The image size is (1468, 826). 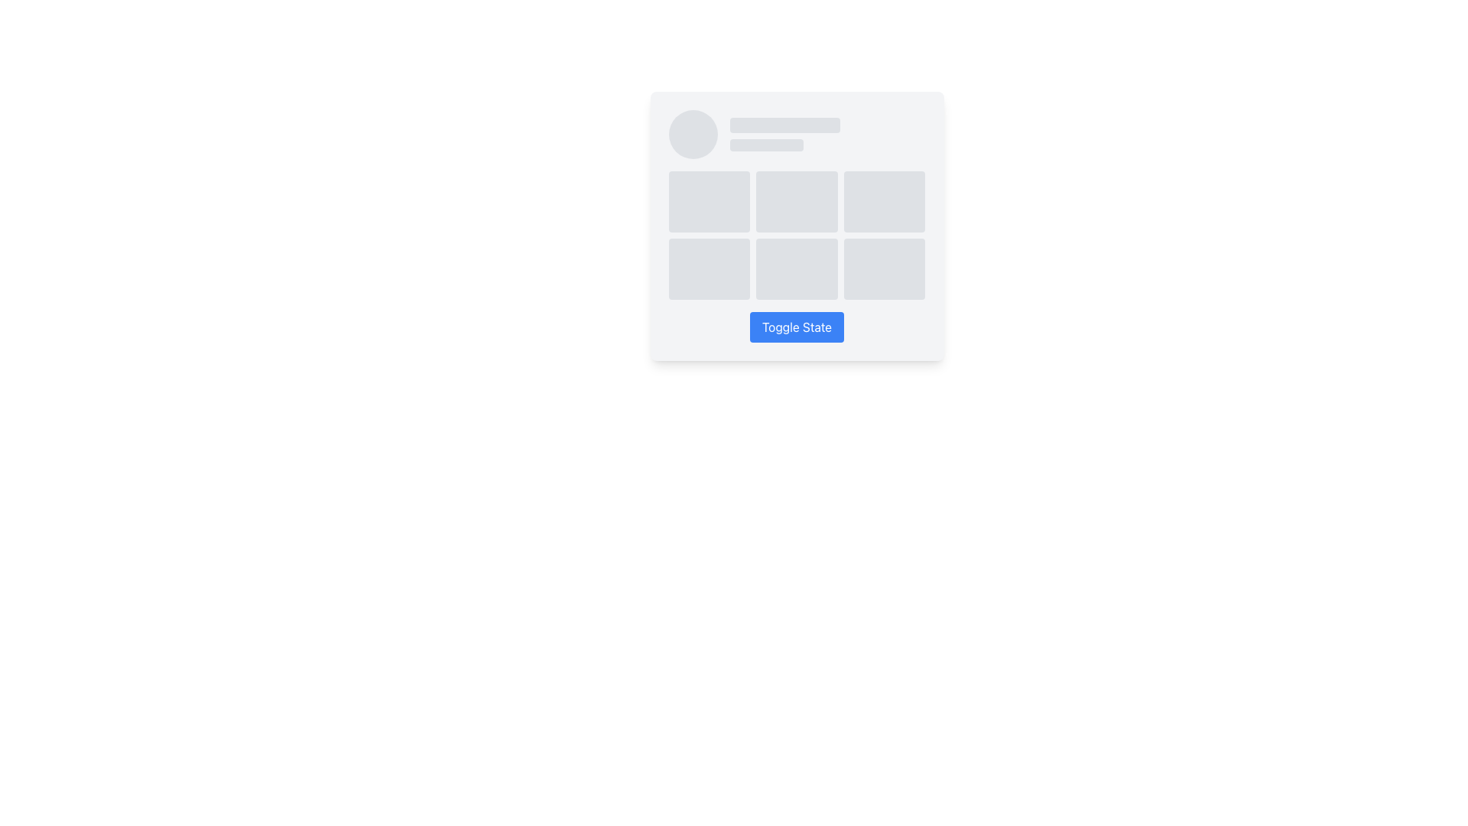 I want to click on the Placeholder Block, which is a rectangular block with a subtle gray background and rounded corners, positioned as the fourth item in a 3x2 grid layout, so click(x=708, y=268).